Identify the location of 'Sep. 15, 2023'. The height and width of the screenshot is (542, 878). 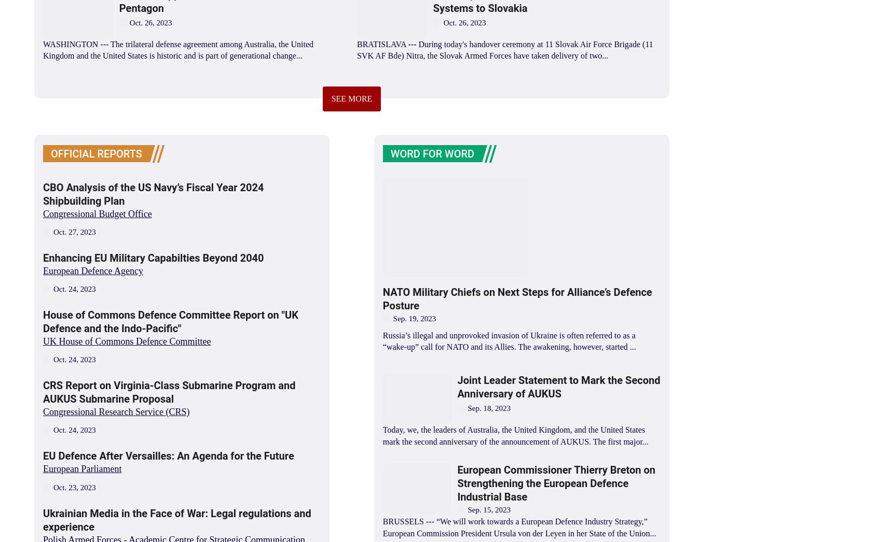
(489, 509).